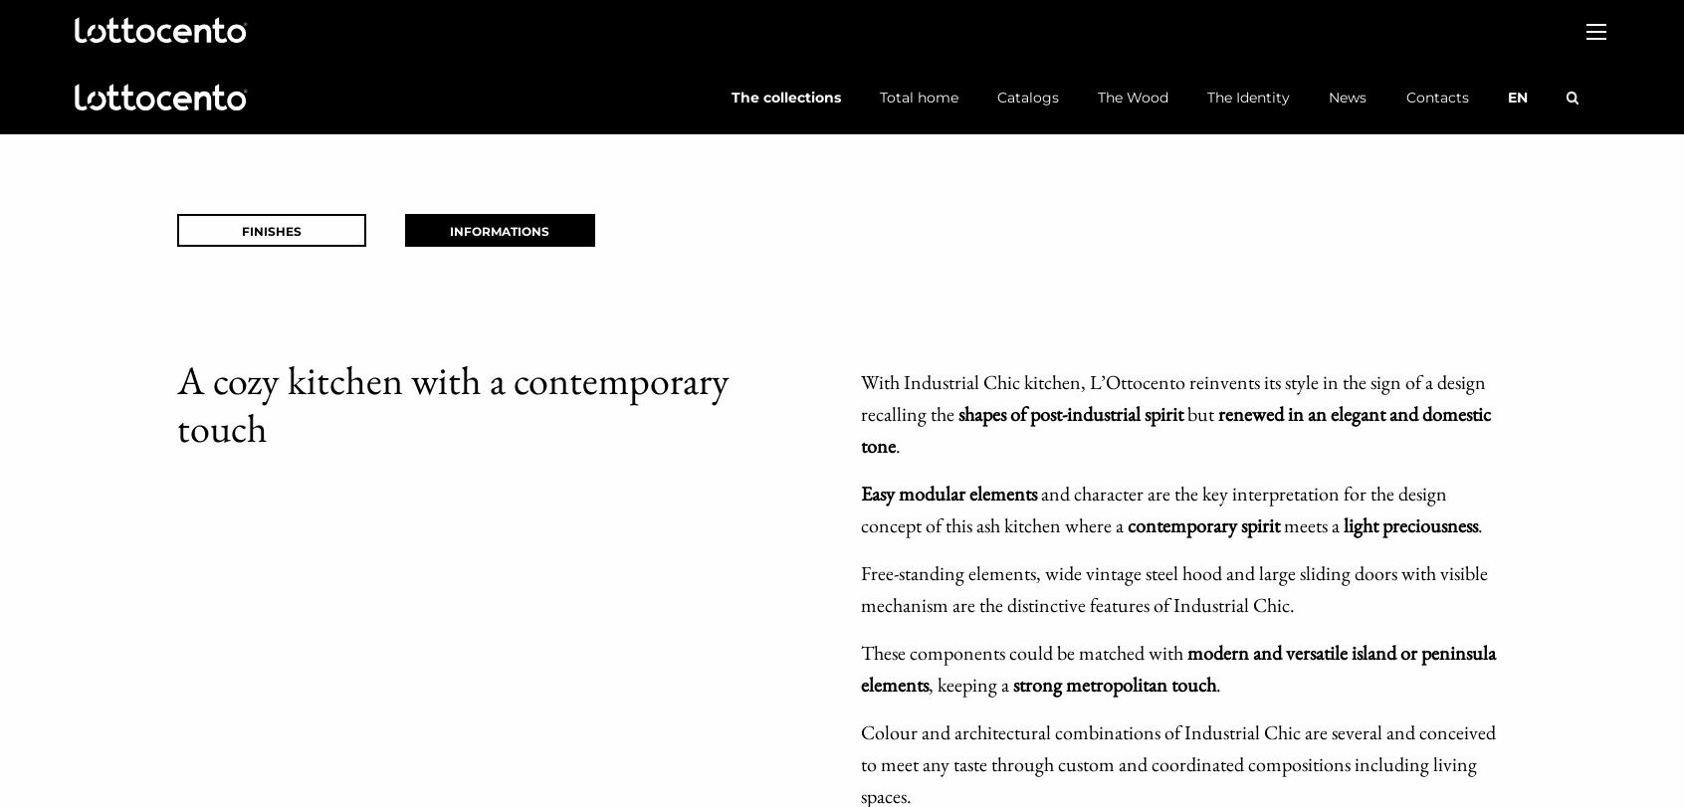 The image size is (1684, 807). What do you see at coordinates (1023, 650) in the screenshot?
I see `'These components could be matched with'` at bounding box center [1023, 650].